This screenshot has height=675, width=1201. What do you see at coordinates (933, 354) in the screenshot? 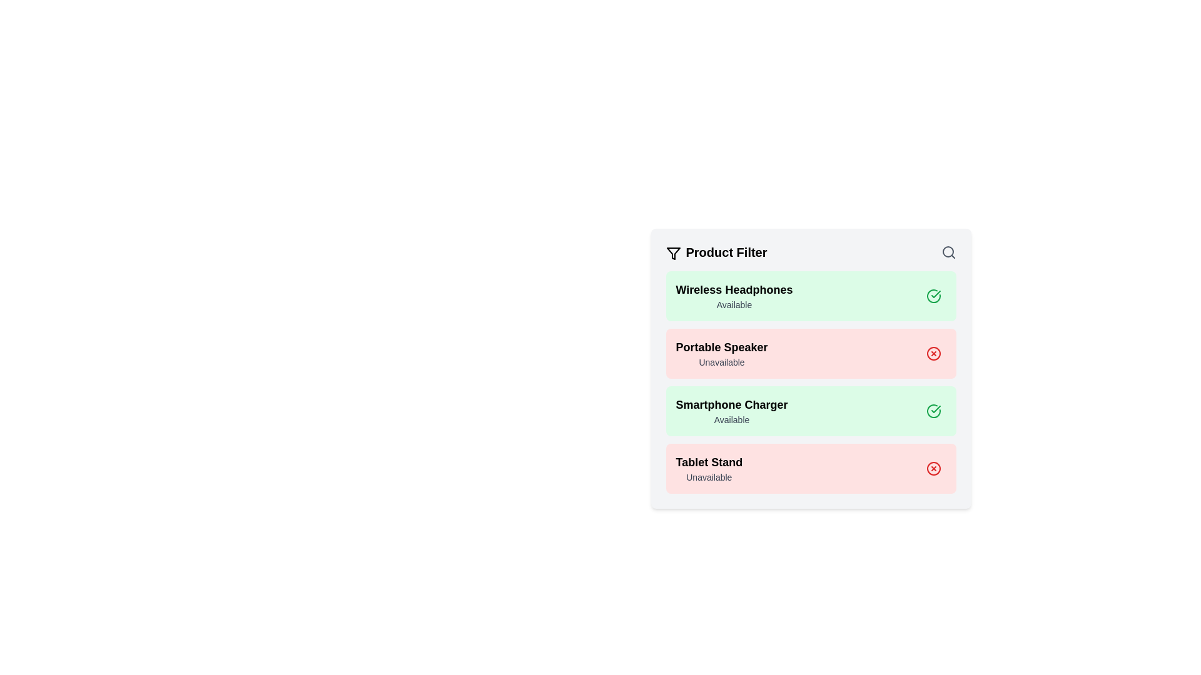
I see `the status of the 'Portable Speaker' item indicated by the centrally located graphical icon marking it as unavailable` at bounding box center [933, 354].